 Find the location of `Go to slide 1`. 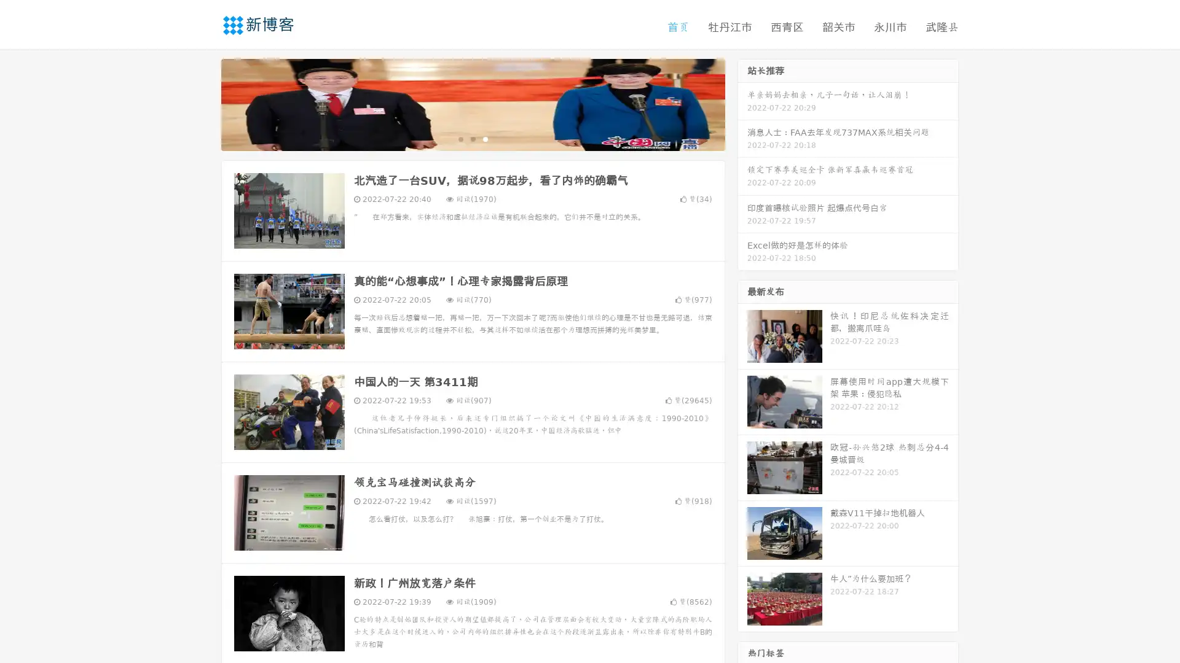

Go to slide 1 is located at coordinates (460, 138).